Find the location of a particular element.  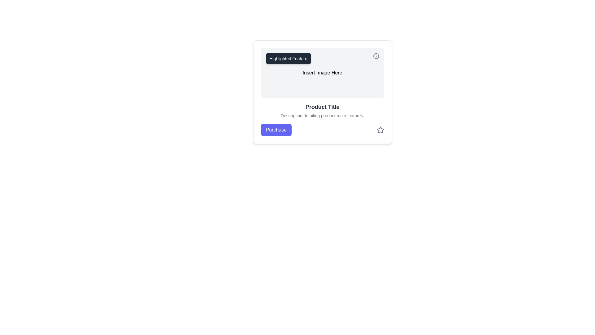

the interactive star-shaped icon button with a gray outline, located to the far right adjacent to the 'Purchase' button is located at coordinates (380, 130).